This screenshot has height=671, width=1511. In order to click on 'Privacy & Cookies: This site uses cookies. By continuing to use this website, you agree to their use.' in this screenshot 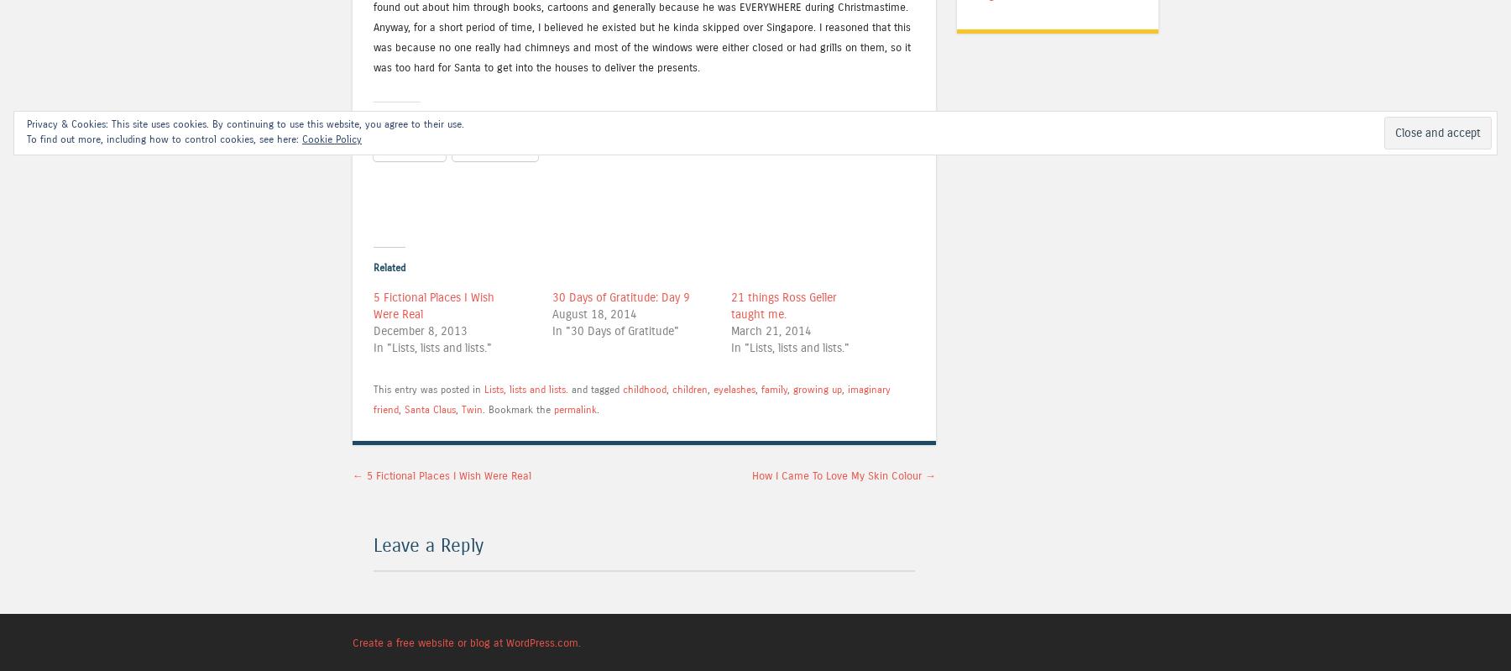, I will do `click(26, 123)`.